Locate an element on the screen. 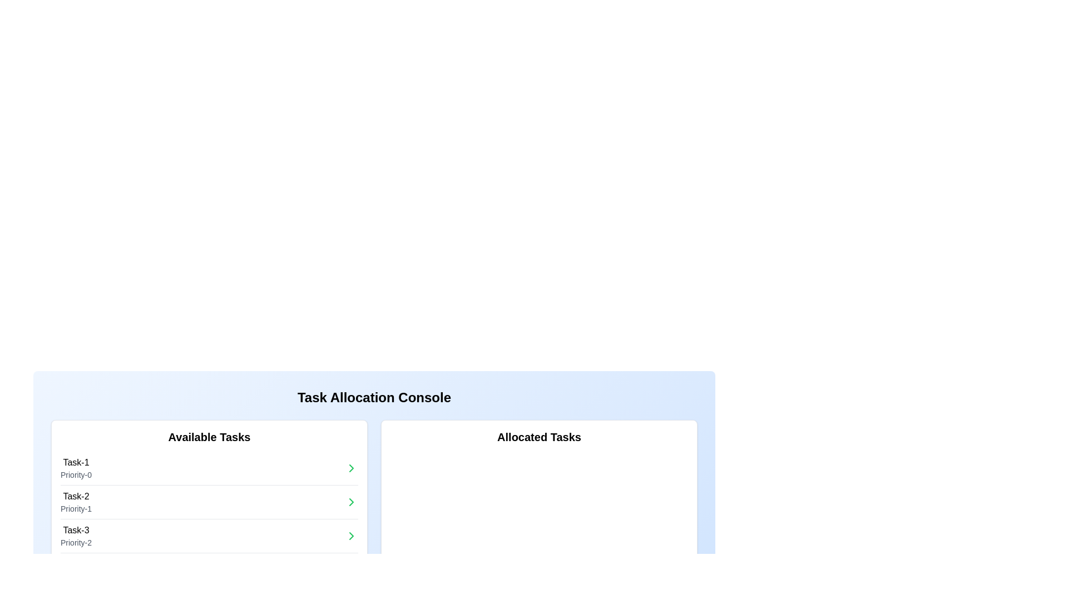  on the static text element that serves as the header for the 'Allocated Tasks' section, indicating its content or purpose is located at coordinates (539, 436).